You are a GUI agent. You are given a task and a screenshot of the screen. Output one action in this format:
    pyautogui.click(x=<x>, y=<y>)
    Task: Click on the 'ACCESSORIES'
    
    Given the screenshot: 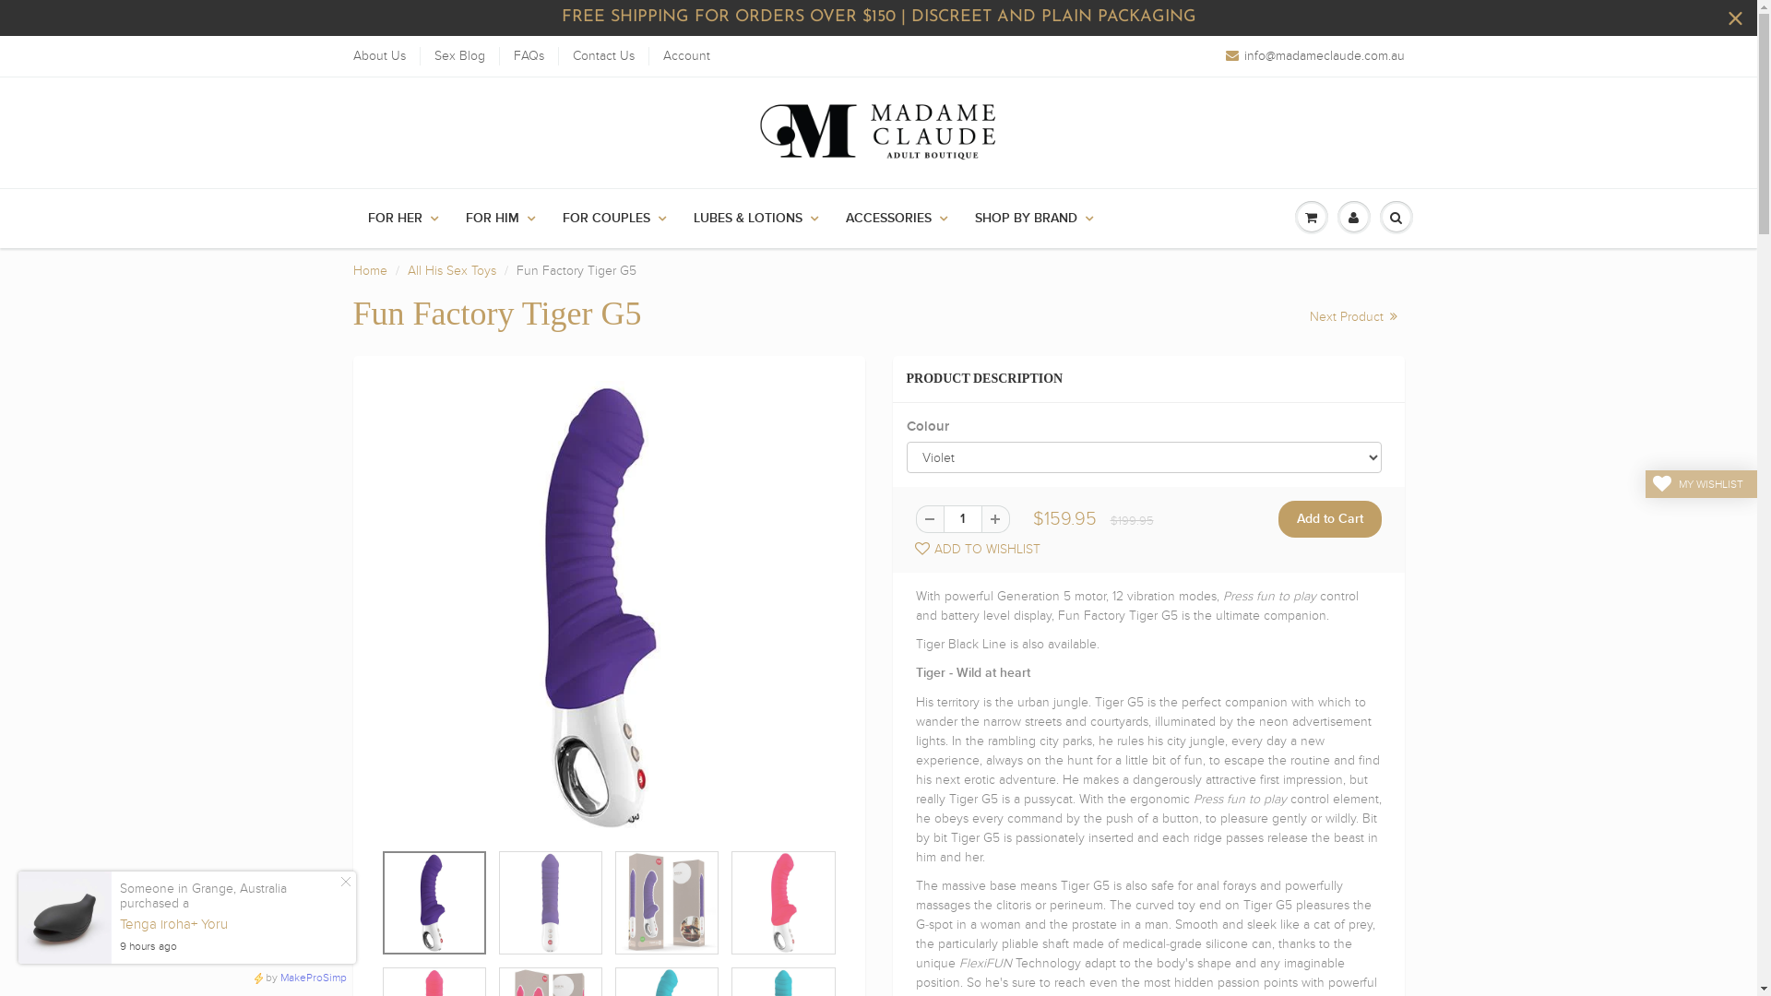 What is the action you would take?
    pyautogui.click(x=896, y=217)
    